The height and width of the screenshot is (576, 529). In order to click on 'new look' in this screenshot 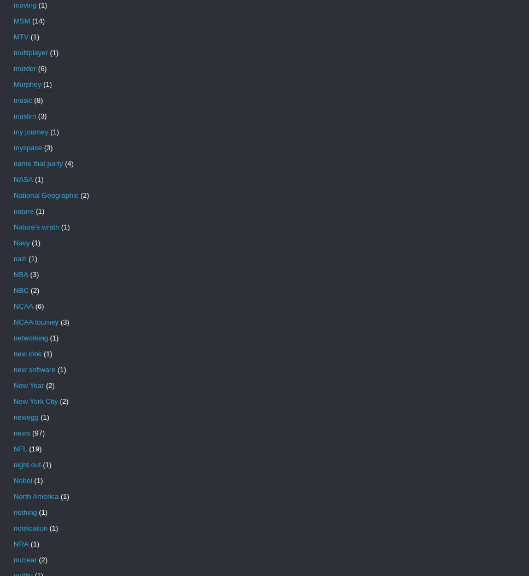, I will do `click(27, 354)`.